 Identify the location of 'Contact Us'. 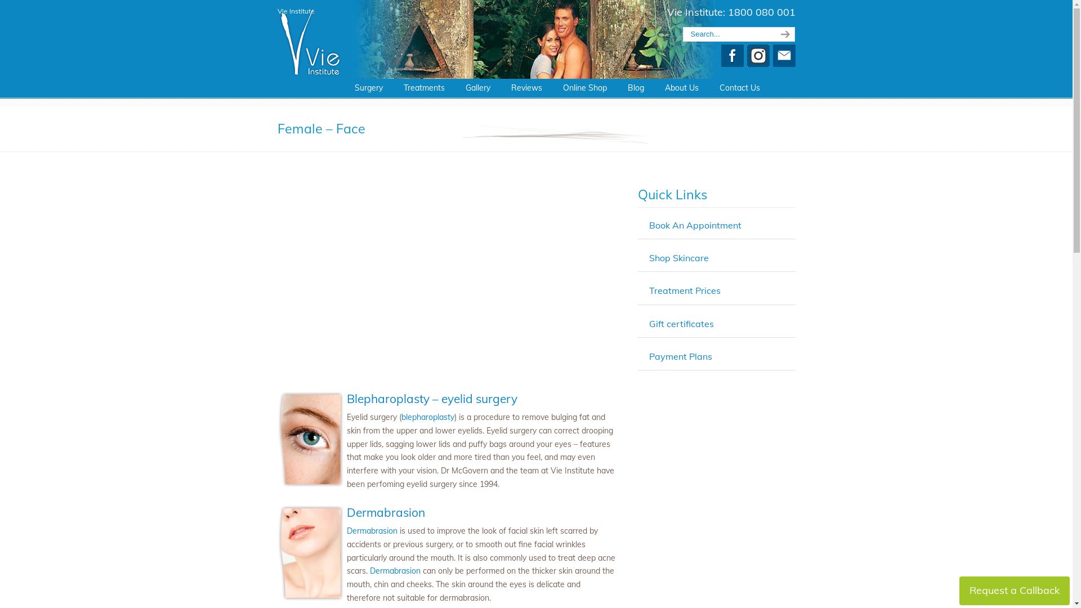
(740, 87).